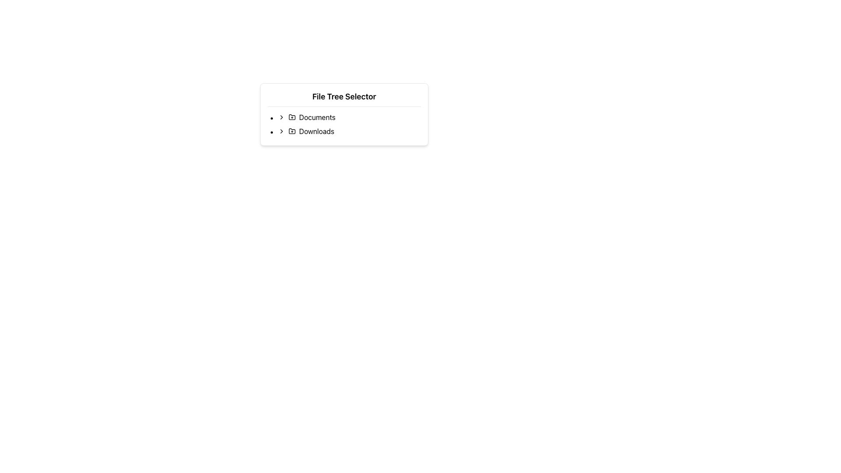  Describe the element at coordinates (282, 116) in the screenshot. I see `the chevron icon` at that location.